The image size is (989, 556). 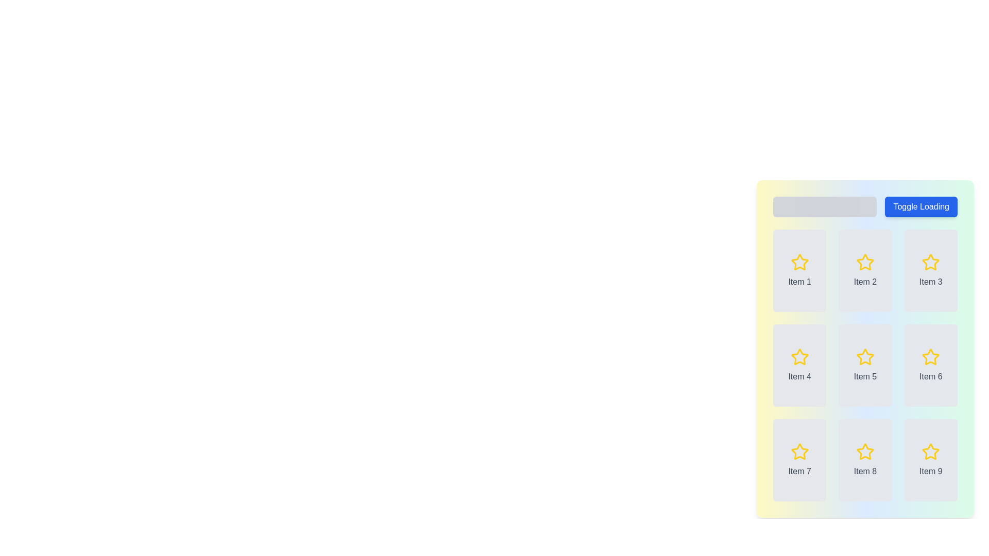 I want to click on the gray-colored text 'Item 3' located in the top row, third column of a 3x3 grid of card-like areas, so click(x=931, y=282).